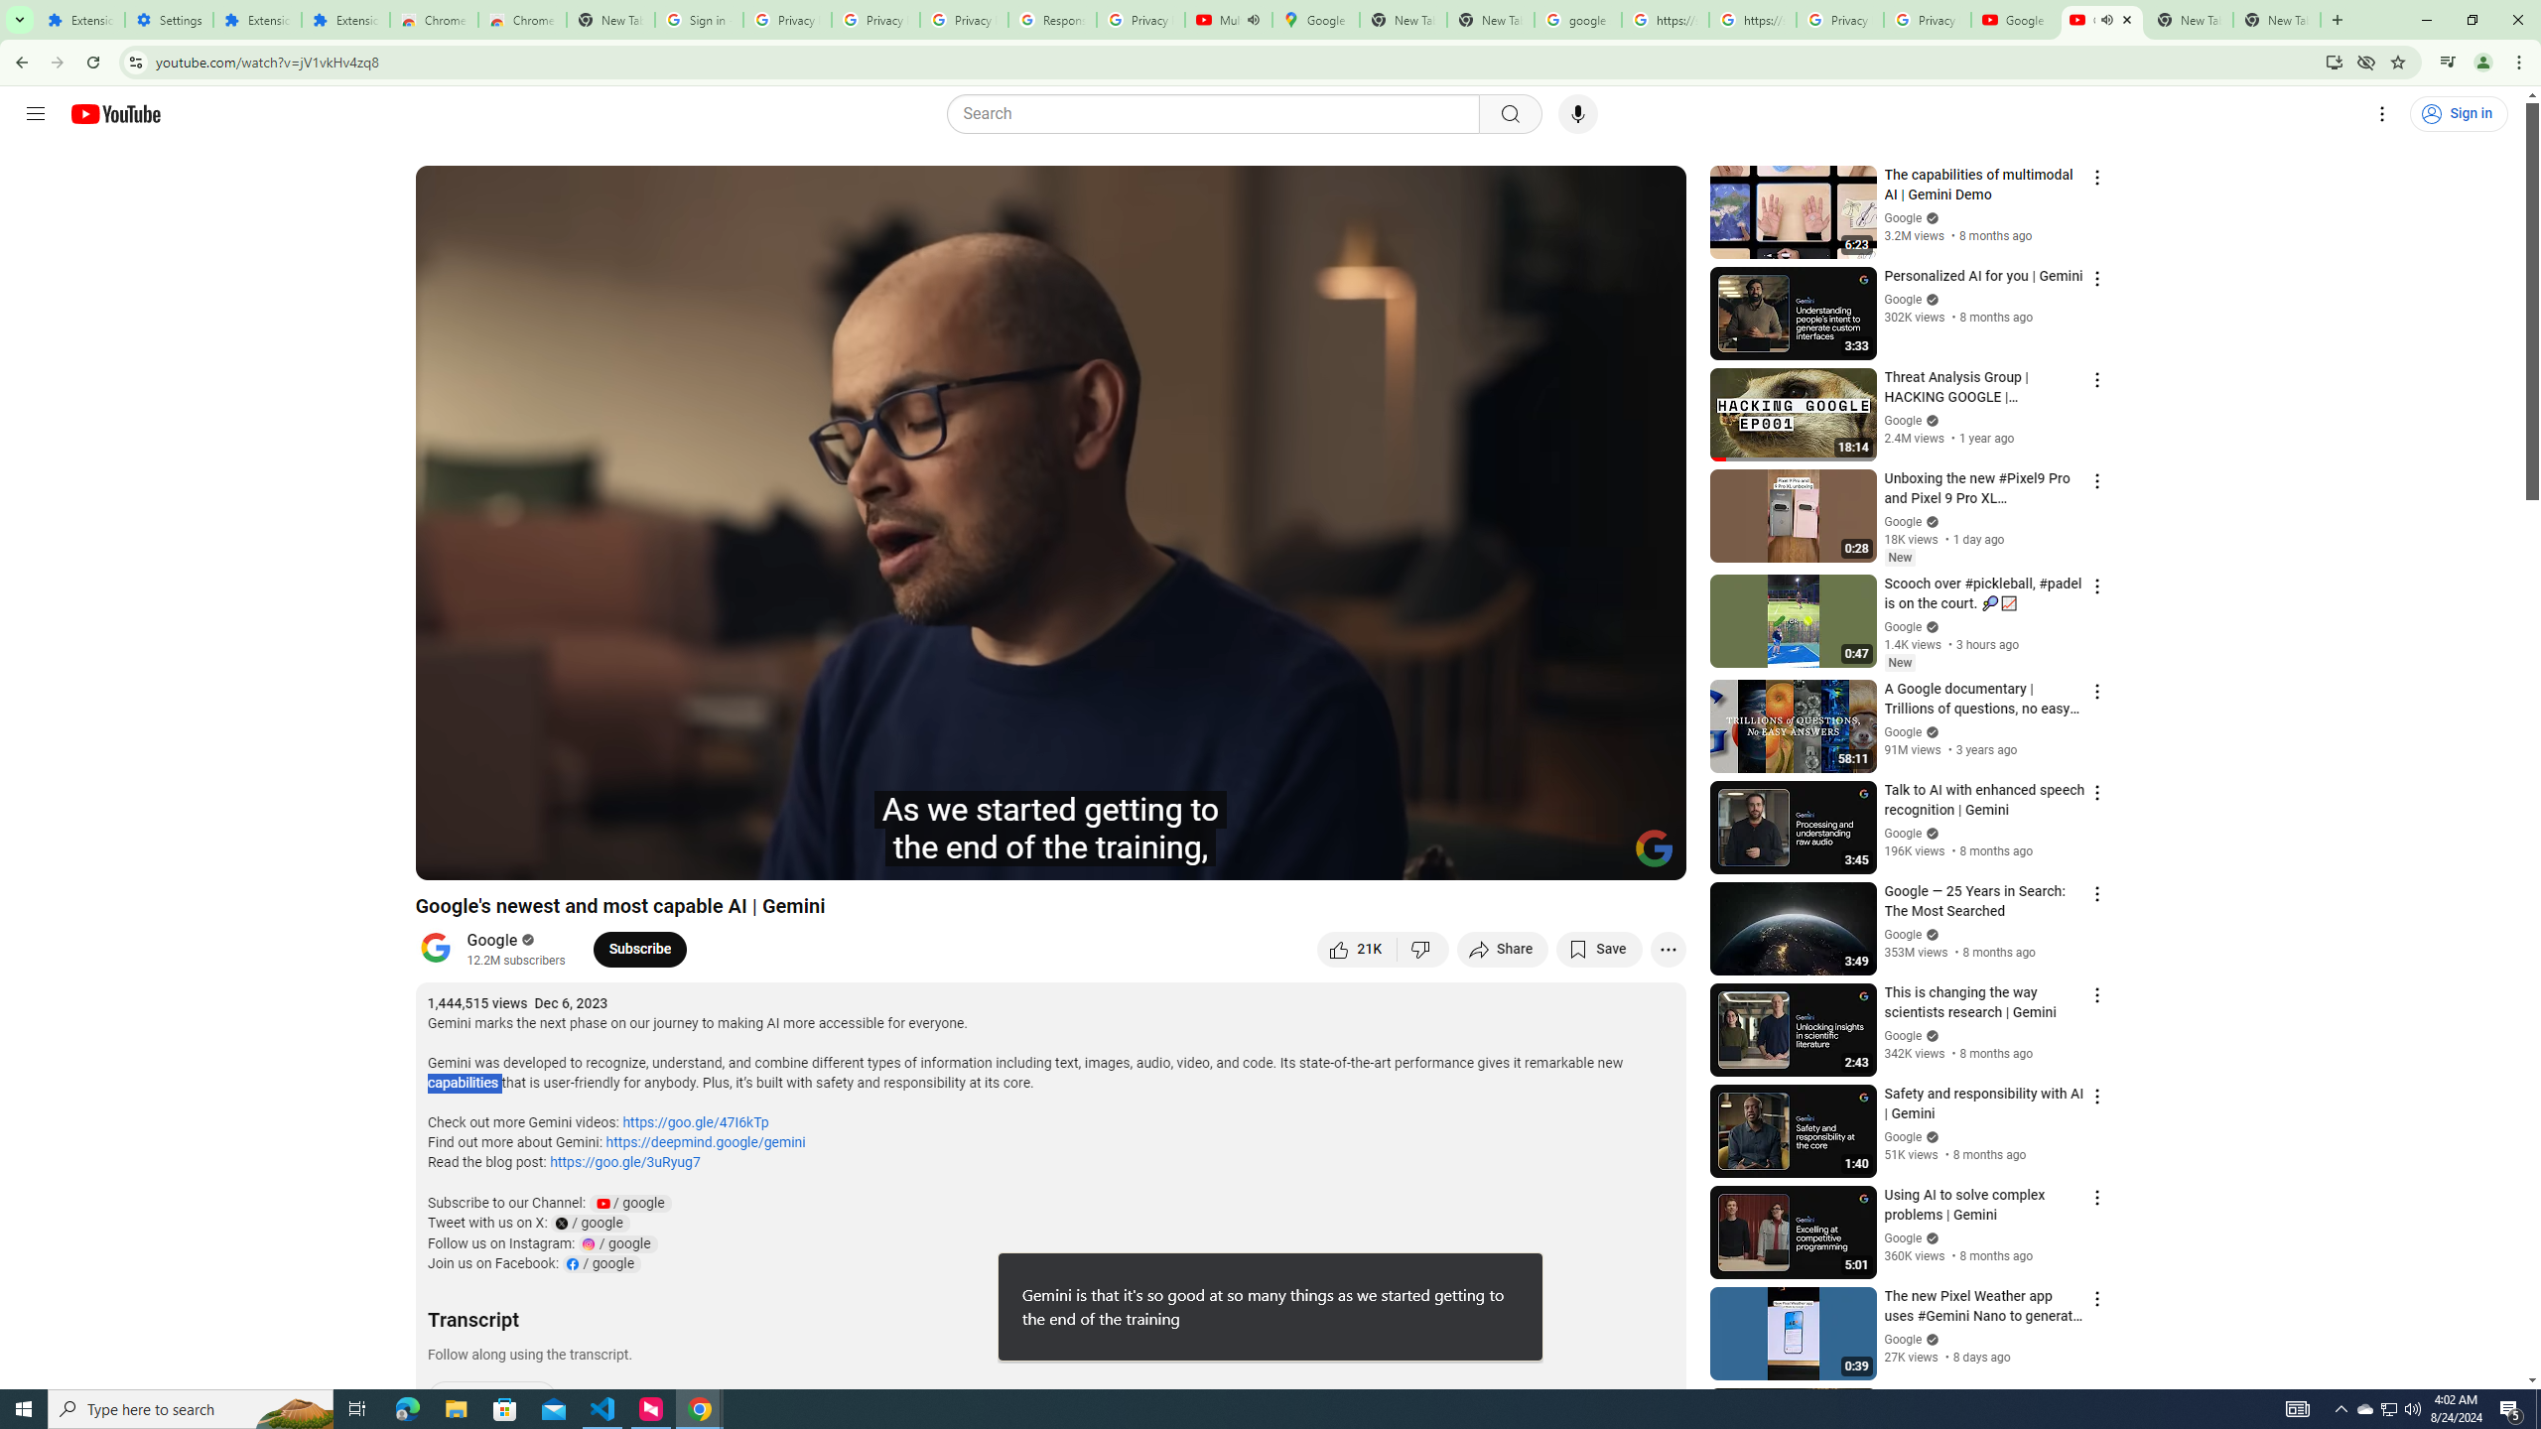 The height and width of the screenshot is (1429, 2541). What do you see at coordinates (1666, 19) in the screenshot?
I see `'https://scholar.google.com/'` at bounding box center [1666, 19].